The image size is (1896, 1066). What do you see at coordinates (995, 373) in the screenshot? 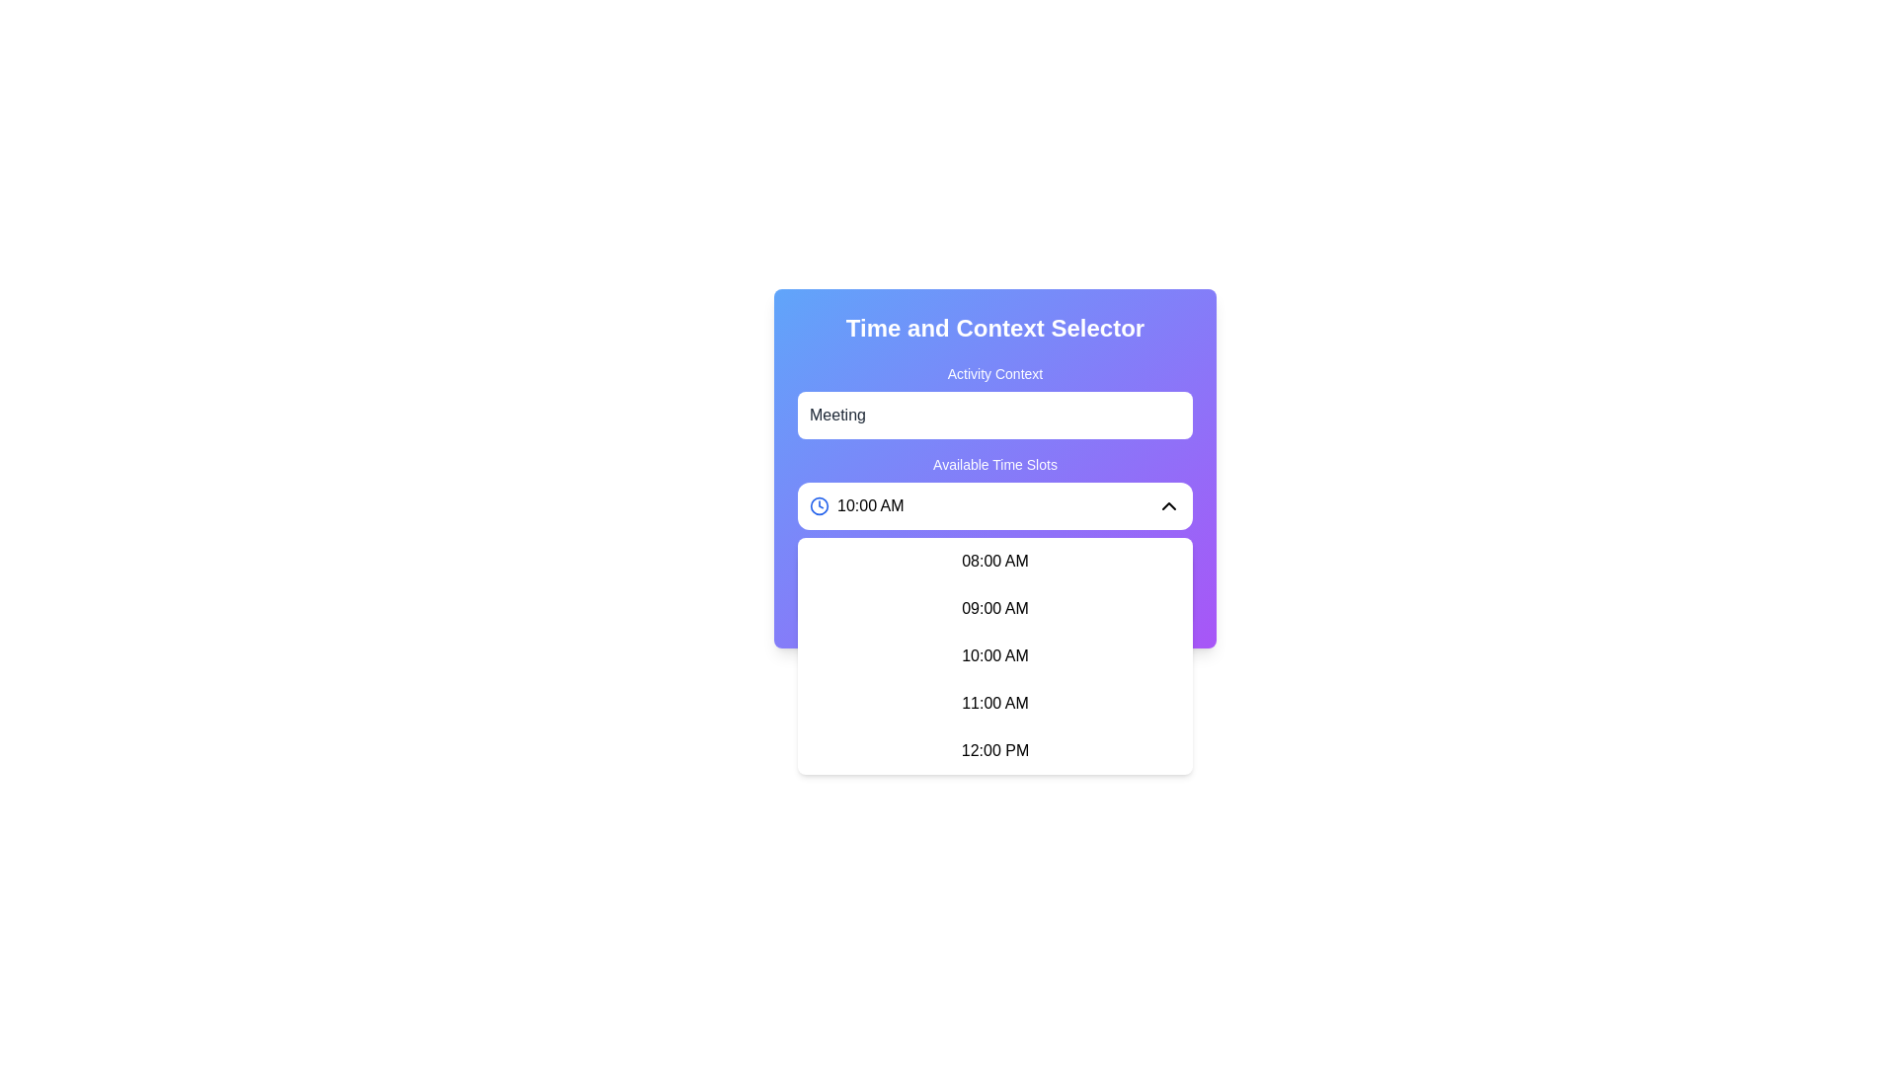
I see `the static text label that provides a title or description for the activity selection section, located directly under the 'Time and Context Selector' header` at bounding box center [995, 373].